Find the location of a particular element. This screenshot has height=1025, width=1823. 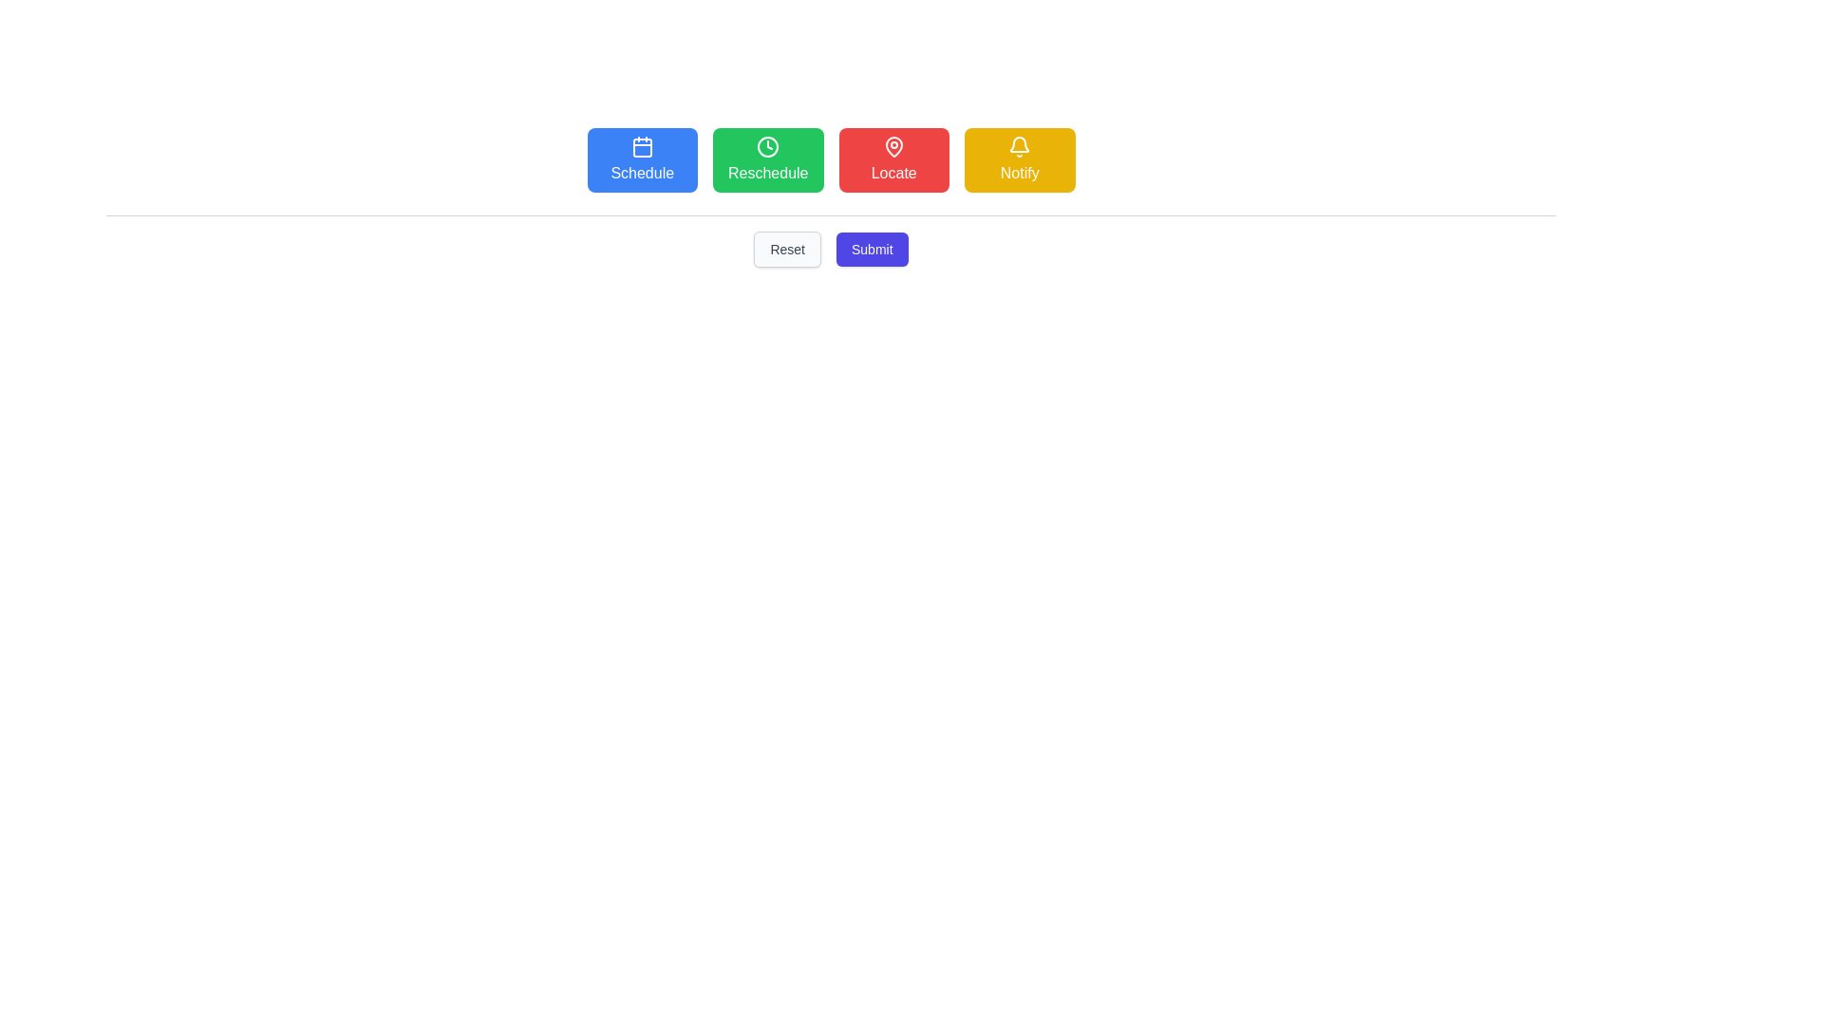

the circular SVG shape within the green 'Reschedule' button, which is the second button in a sequence of four buttons near the top-center of the interface is located at coordinates (768, 145).